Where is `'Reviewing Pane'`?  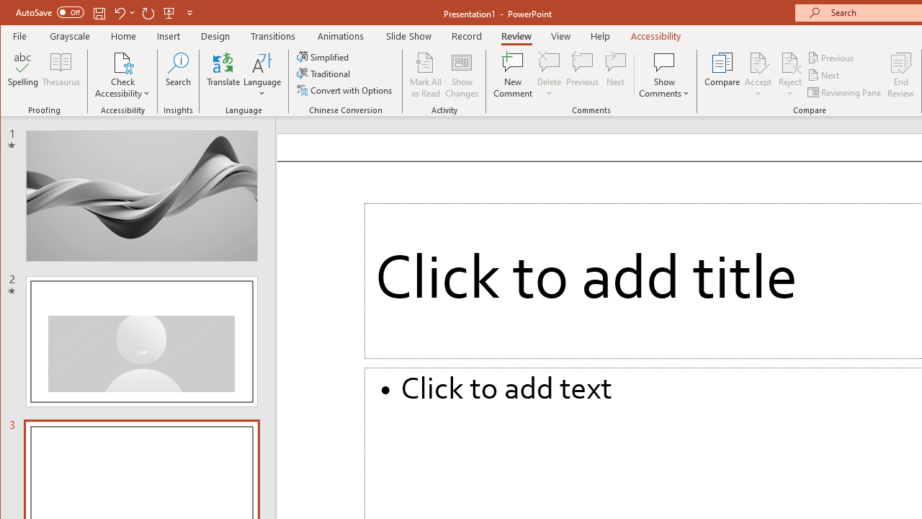 'Reviewing Pane' is located at coordinates (845, 92).